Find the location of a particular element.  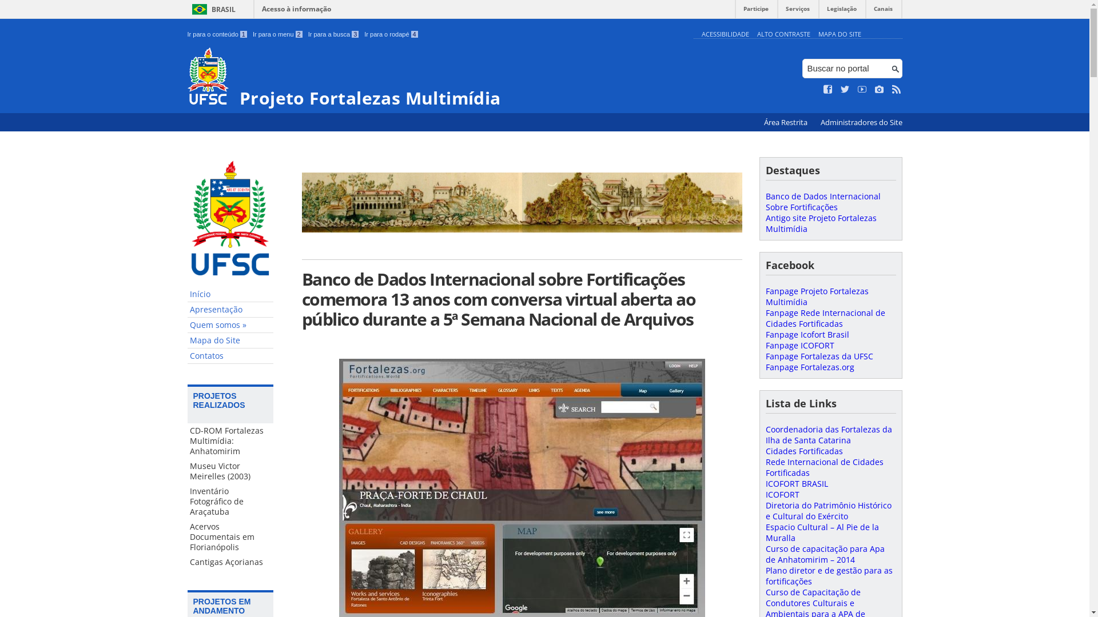

'Curta no Facebook' is located at coordinates (828, 89).